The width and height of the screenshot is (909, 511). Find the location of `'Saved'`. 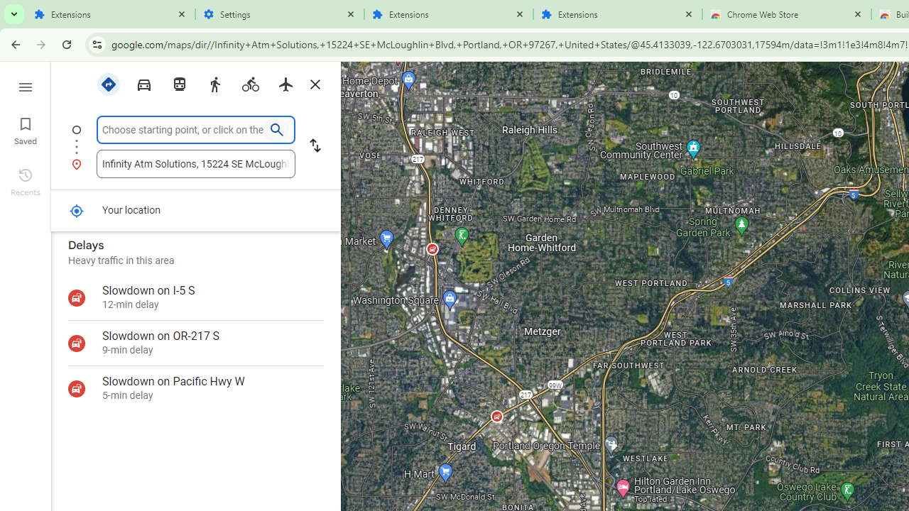

'Saved' is located at coordinates (25, 129).